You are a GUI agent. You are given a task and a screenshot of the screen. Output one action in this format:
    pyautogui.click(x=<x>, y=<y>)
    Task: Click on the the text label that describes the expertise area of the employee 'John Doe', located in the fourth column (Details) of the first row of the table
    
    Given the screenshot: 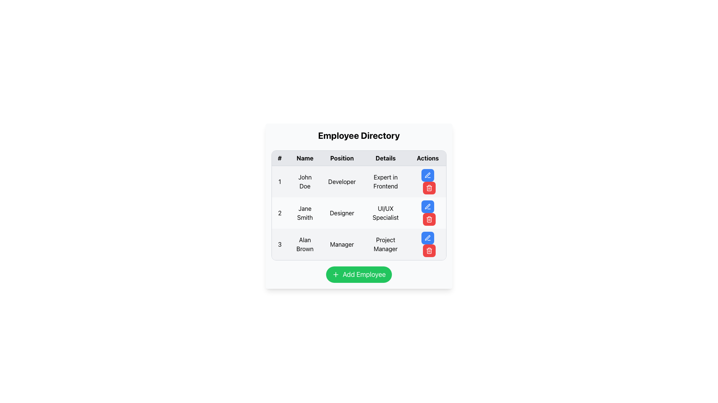 What is the action you would take?
    pyautogui.click(x=386, y=181)
    